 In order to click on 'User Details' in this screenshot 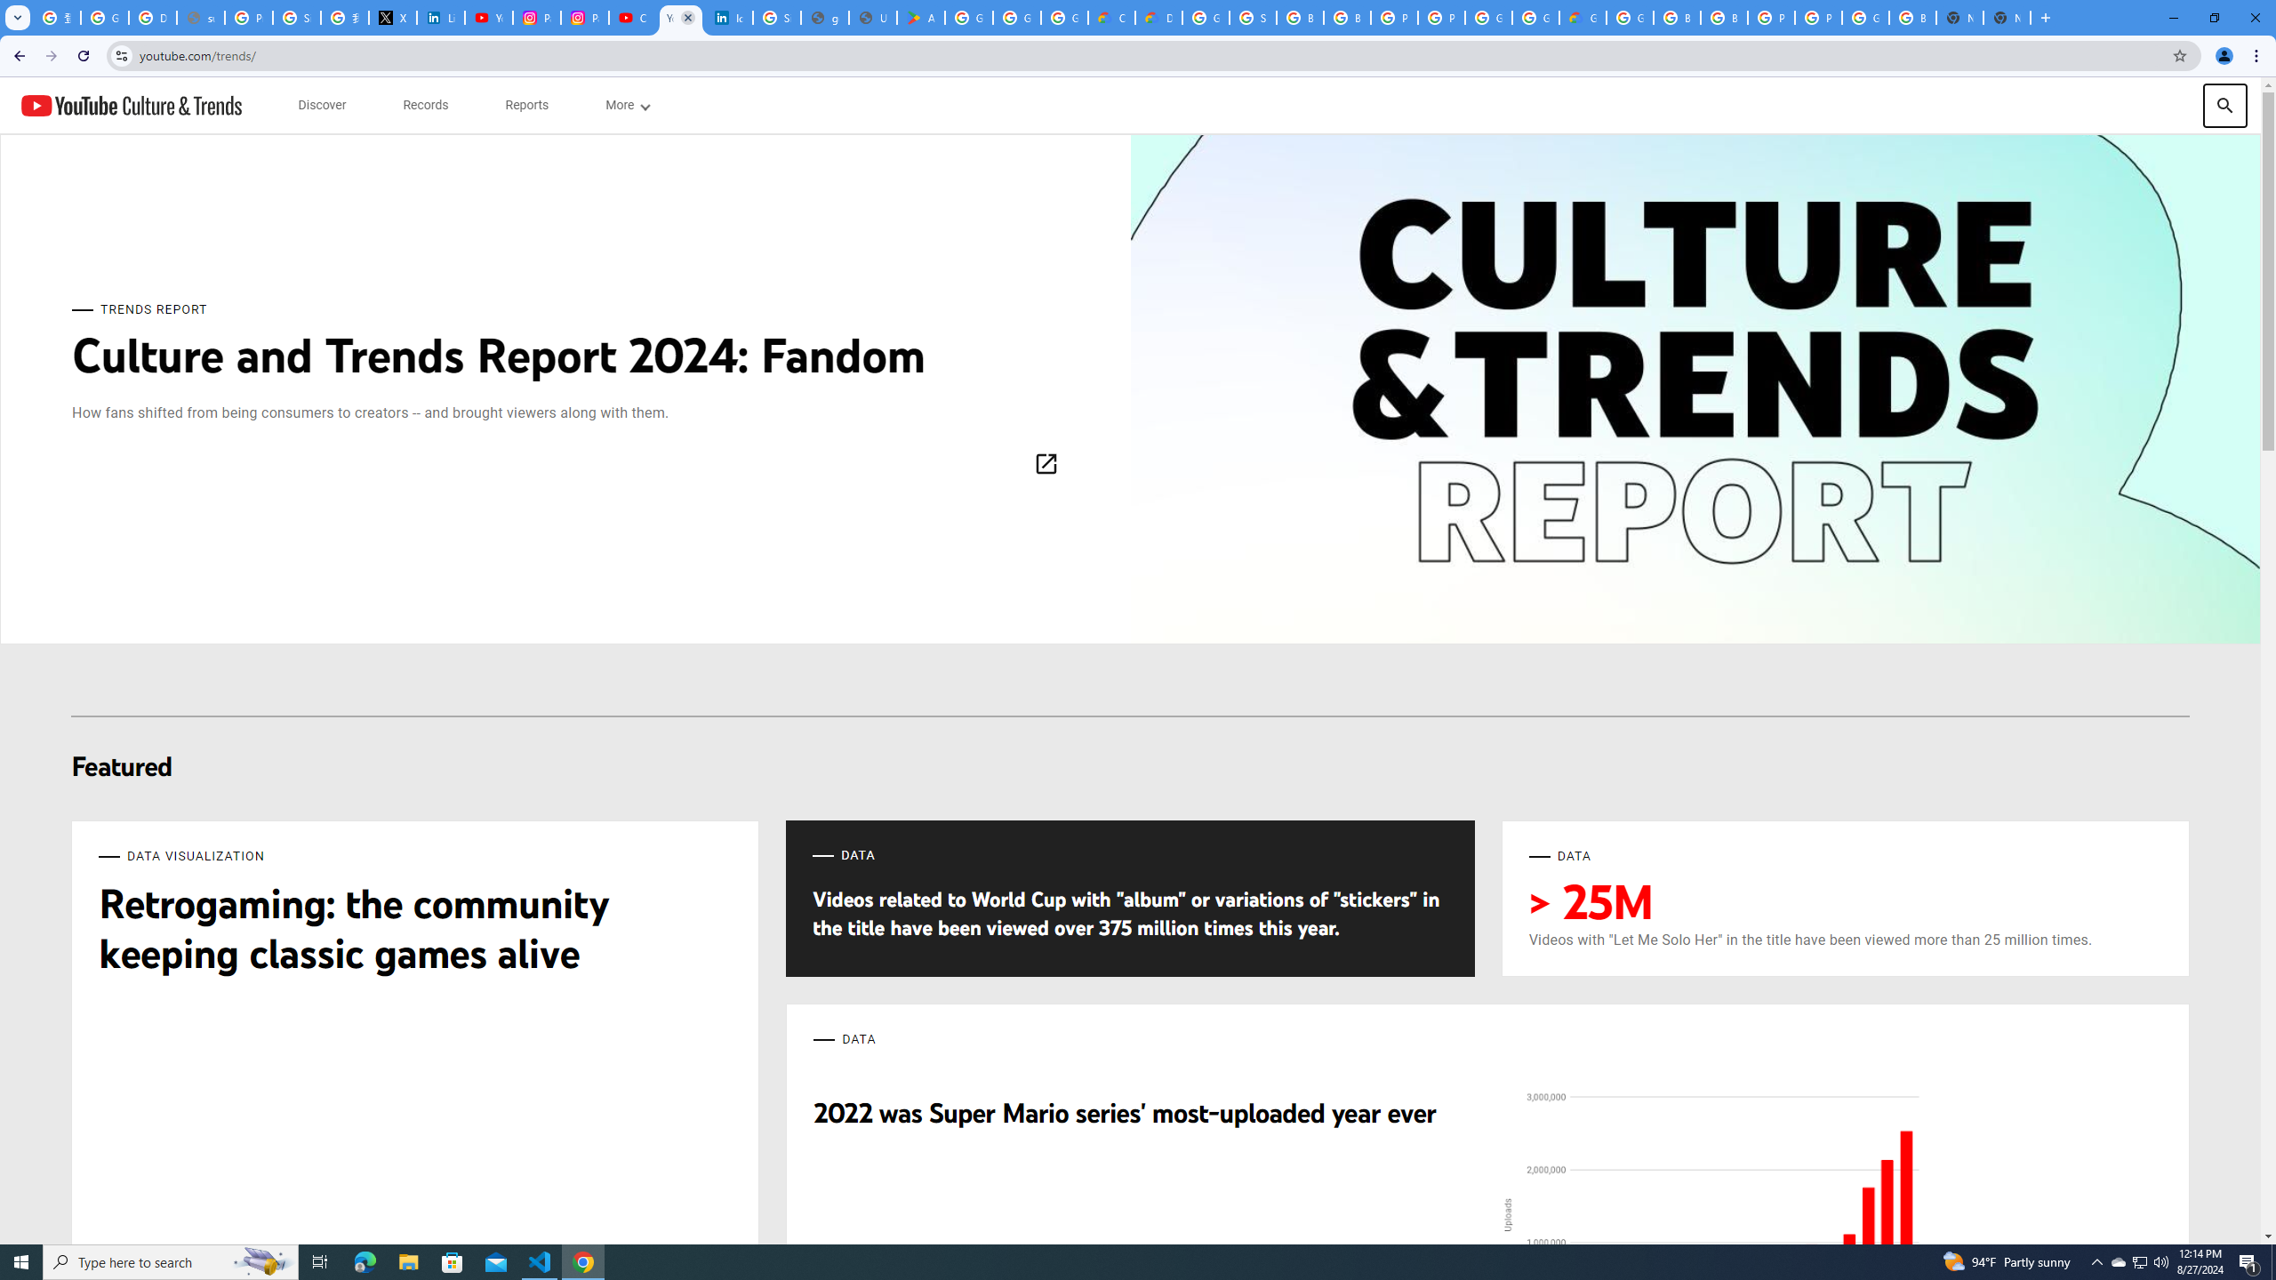, I will do `click(873, 17)`.